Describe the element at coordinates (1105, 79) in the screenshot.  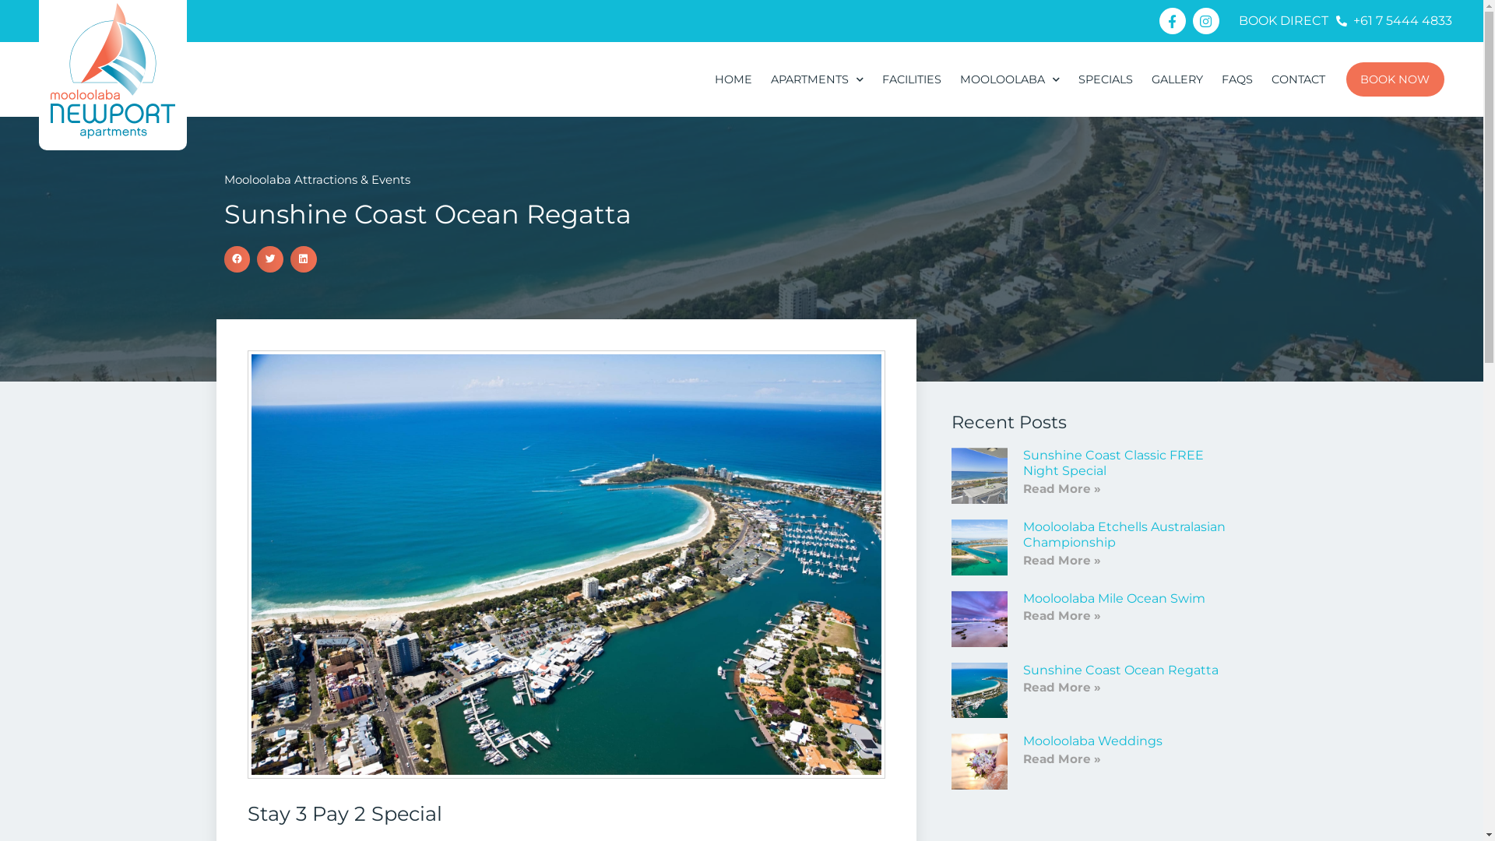
I see `'SPECIALS'` at that location.